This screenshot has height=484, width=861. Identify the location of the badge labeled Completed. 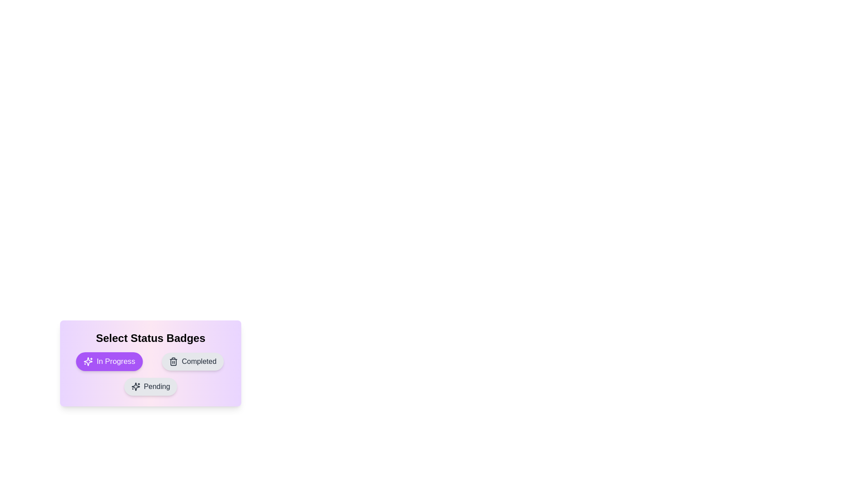
(192, 361).